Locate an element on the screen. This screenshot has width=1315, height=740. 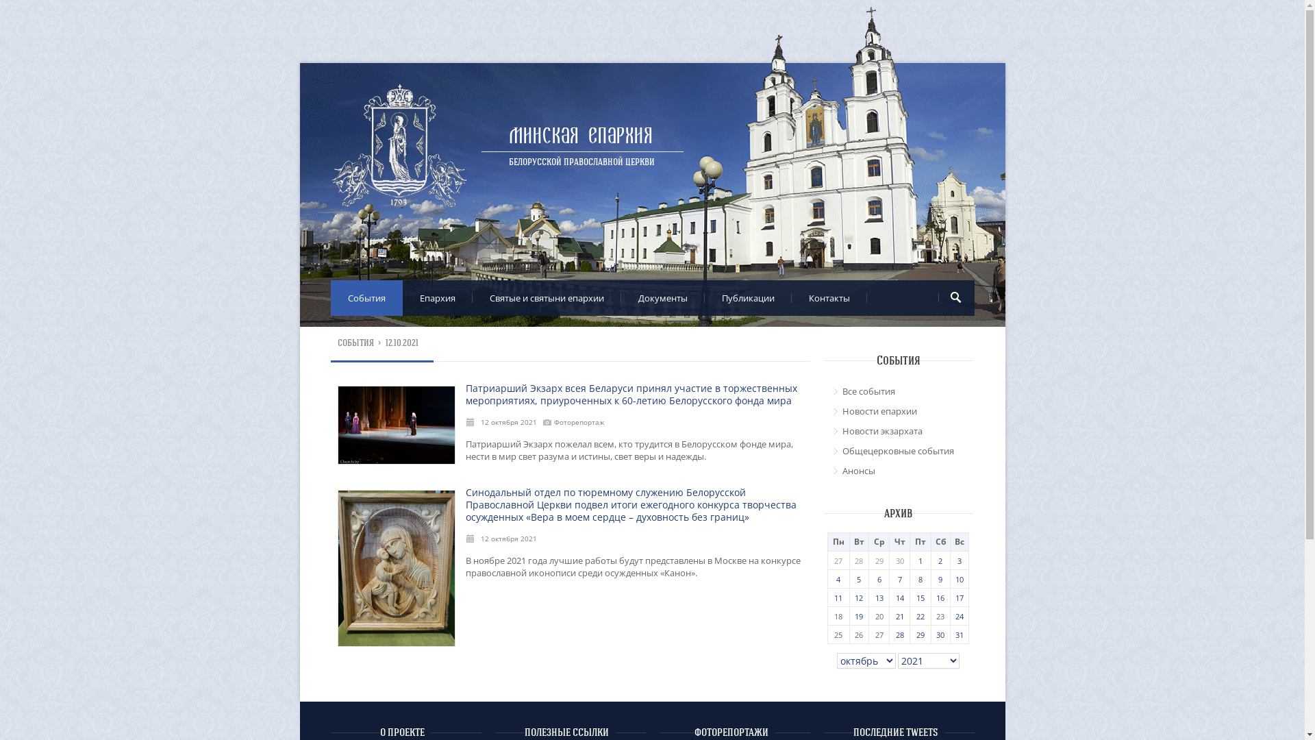
'21' is located at coordinates (900, 615).